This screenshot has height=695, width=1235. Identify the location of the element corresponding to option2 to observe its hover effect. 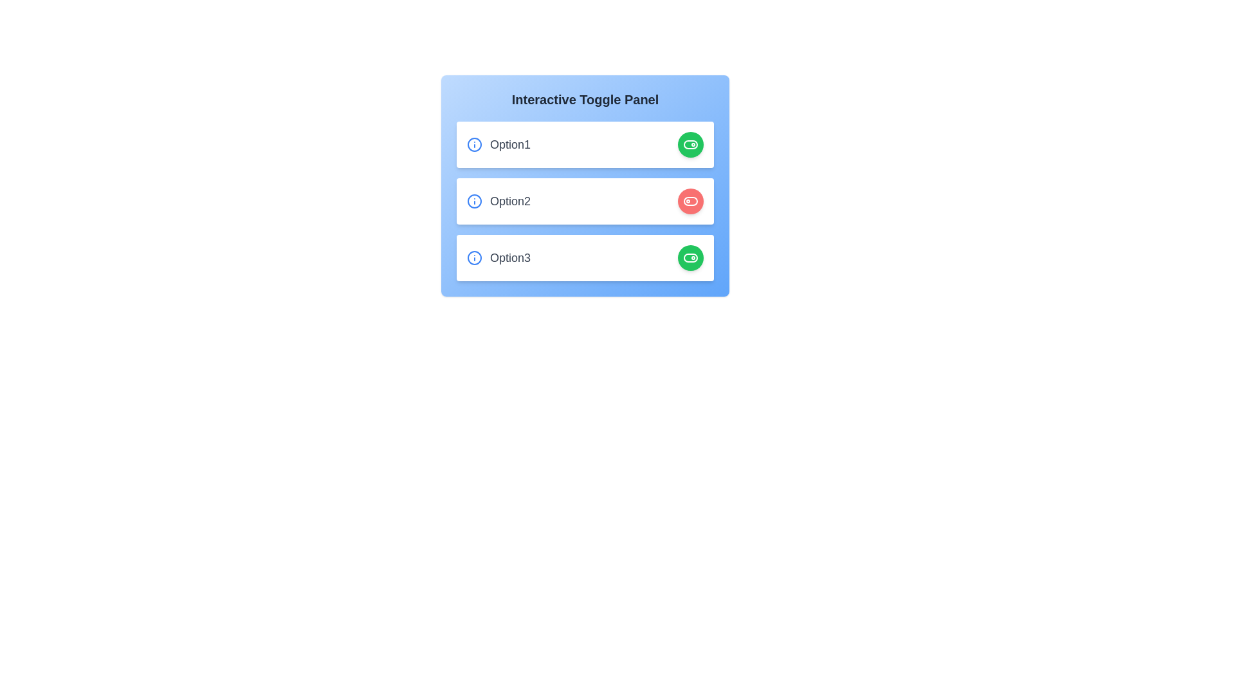
(585, 201).